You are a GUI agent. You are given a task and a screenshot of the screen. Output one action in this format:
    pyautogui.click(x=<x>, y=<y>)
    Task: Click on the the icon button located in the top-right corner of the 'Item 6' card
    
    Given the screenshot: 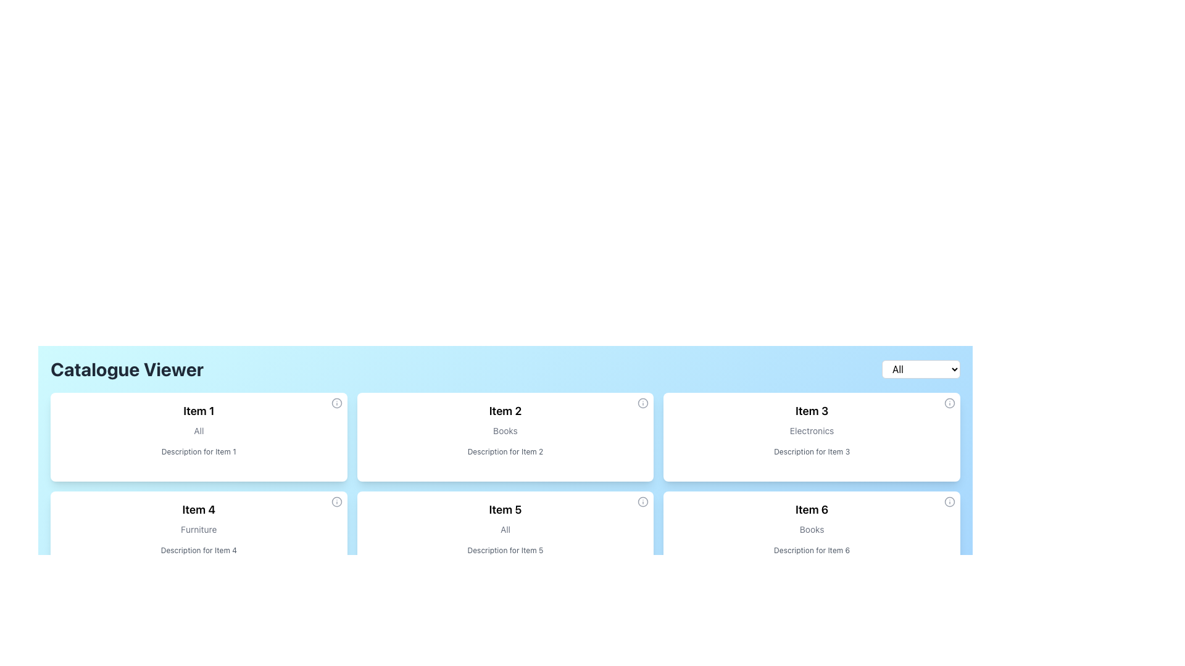 What is the action you would take?
    pyautogui.click(x=949, y=501)
    